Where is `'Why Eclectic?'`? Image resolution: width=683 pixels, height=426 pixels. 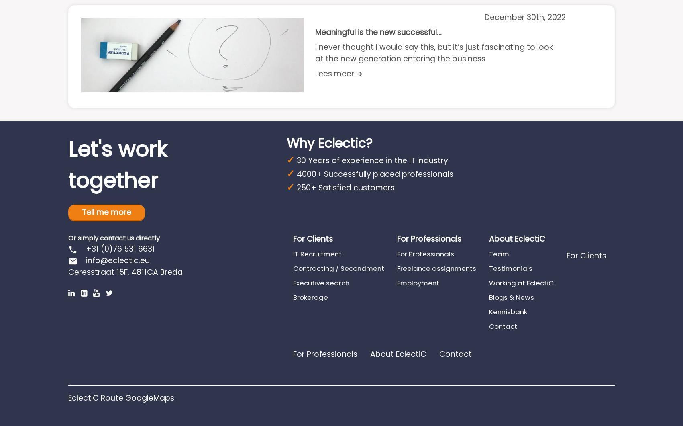 'Why Eclectic?' is located at coordinates (286, 143).